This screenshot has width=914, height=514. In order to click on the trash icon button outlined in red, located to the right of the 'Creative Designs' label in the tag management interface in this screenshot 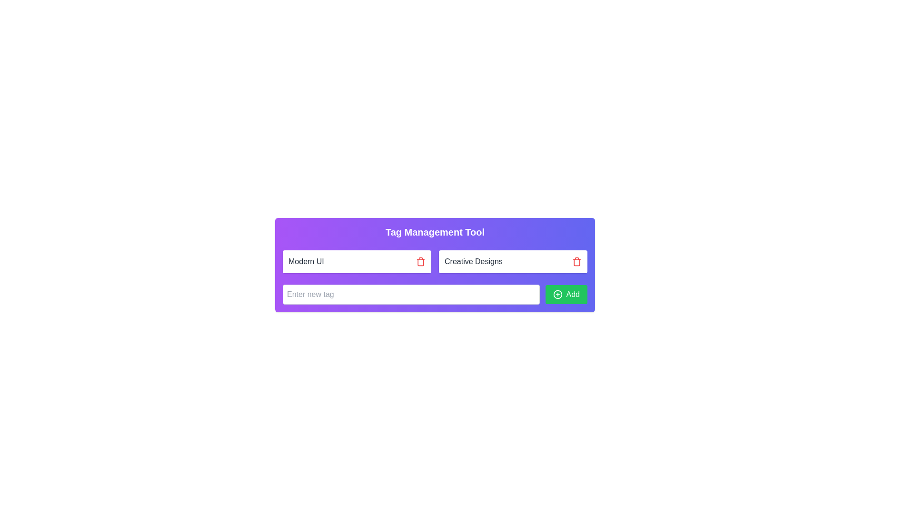, I will do `click(576, 262)`.